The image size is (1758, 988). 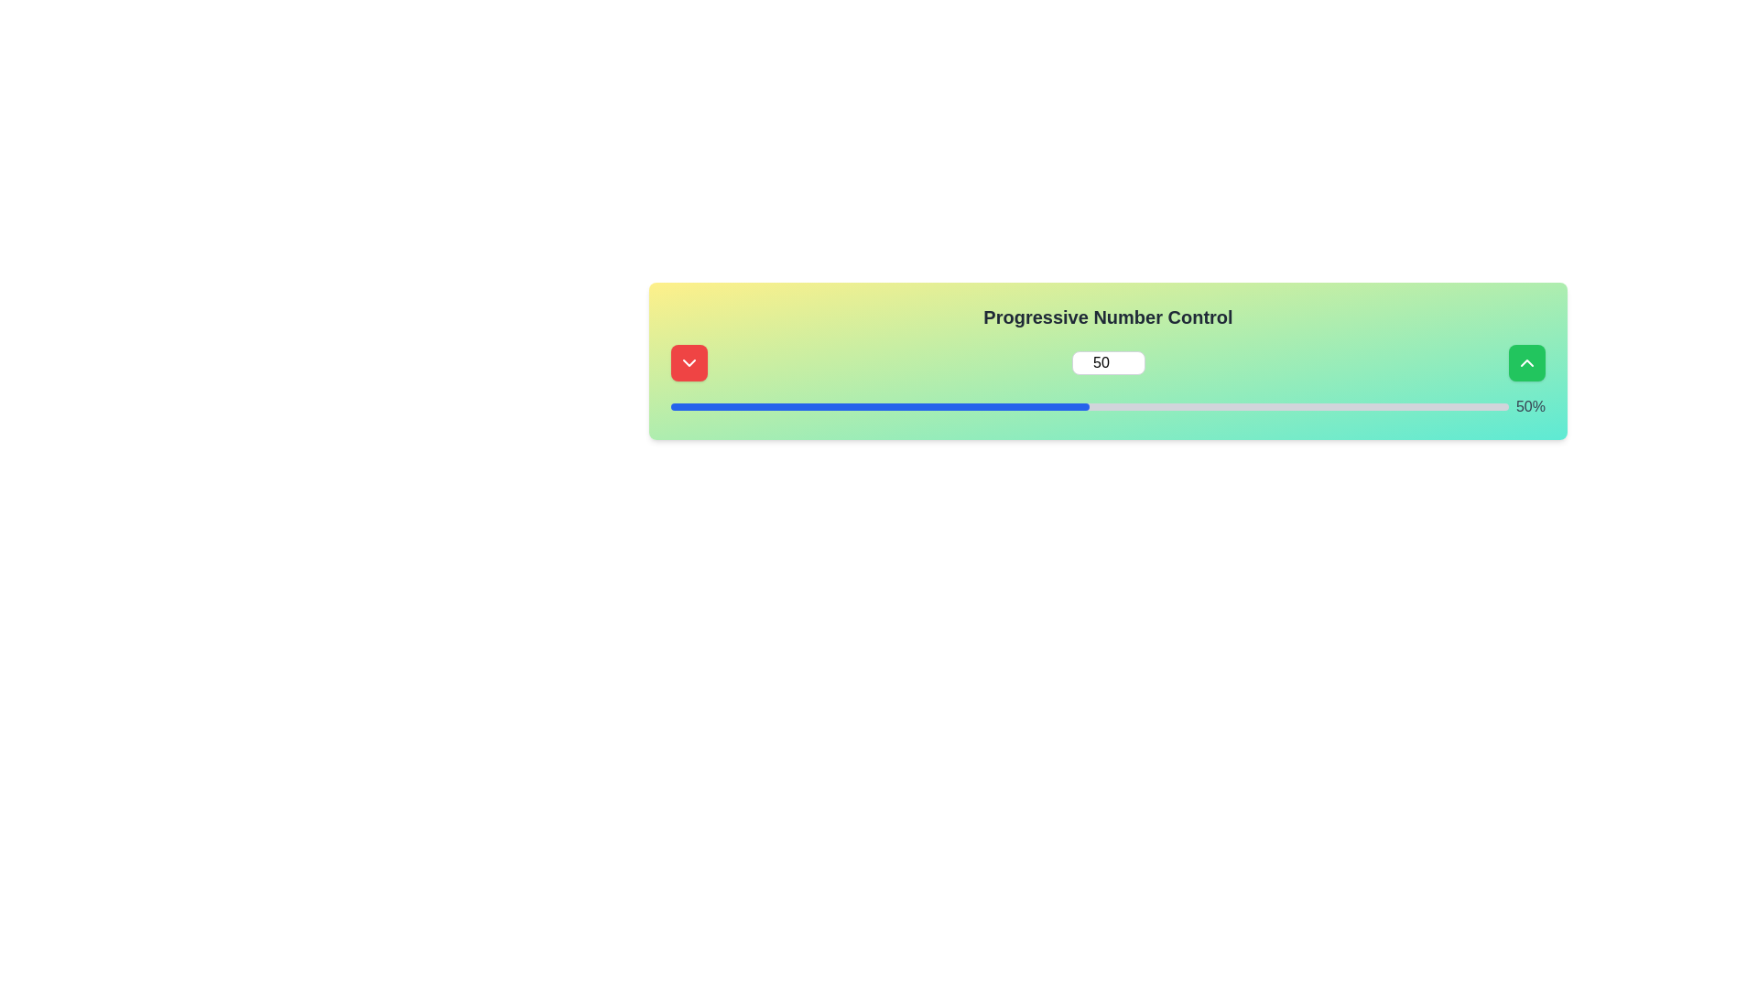 What do you see at coordinates (1001, 405) in the screenshot?
I see `the slider value` at bounding box center [1001, 405].